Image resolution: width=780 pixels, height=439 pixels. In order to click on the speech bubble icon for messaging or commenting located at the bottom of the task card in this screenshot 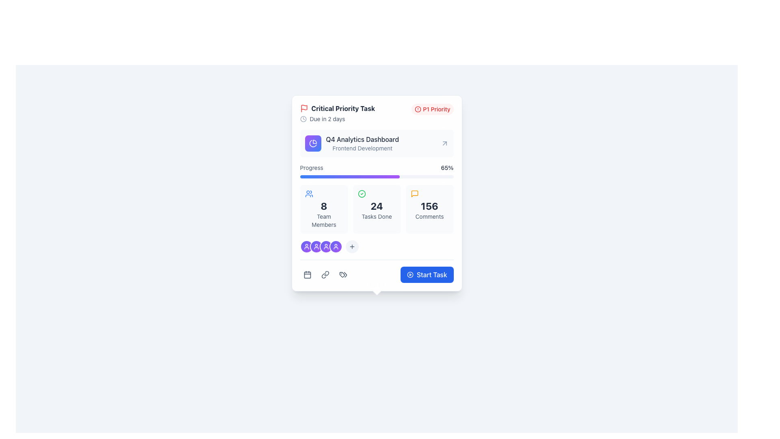, I will do `click(414, 194)`.